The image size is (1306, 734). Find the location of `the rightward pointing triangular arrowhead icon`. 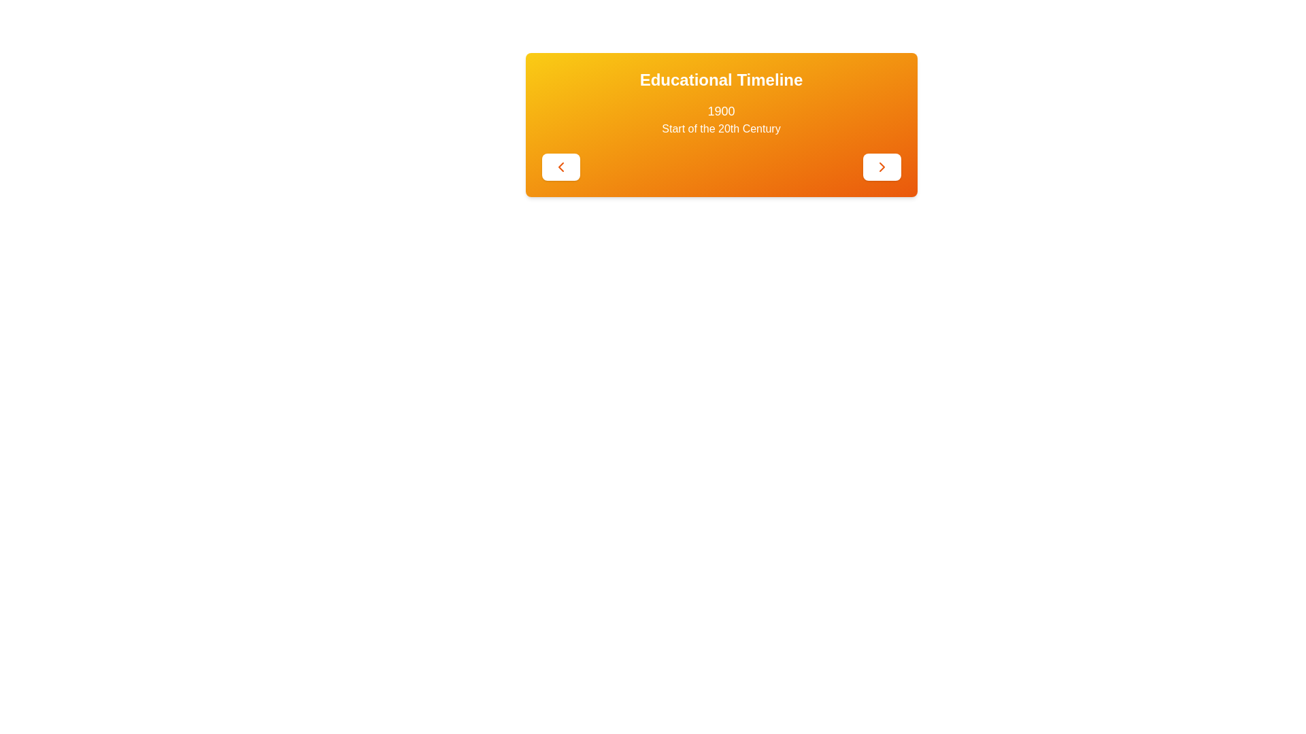

the rightward pointing triangular arrowhead icon is located at coordinates (882, 167).